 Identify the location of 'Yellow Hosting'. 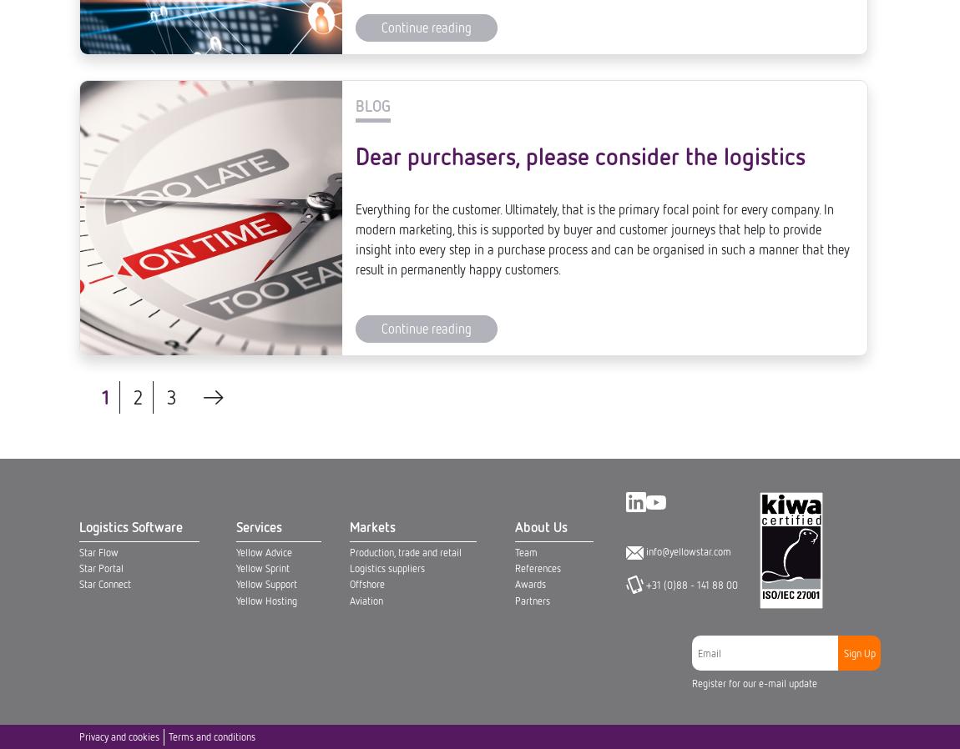
(265, 34).